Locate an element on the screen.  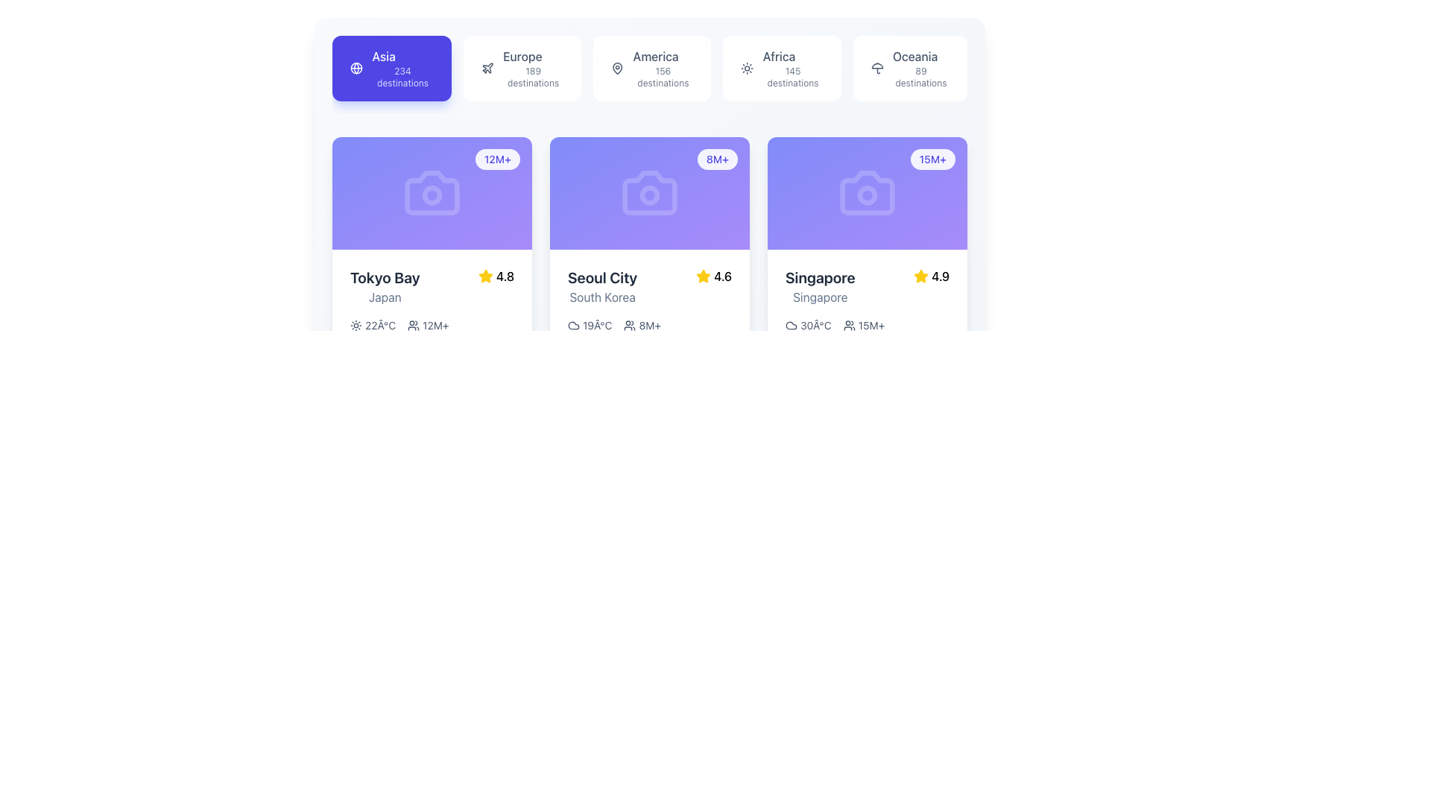
the Informational Badge displaying '12M+' at the top-right corner of the 'Tokyo Bay' destination card is located at coordinates (497, 159).